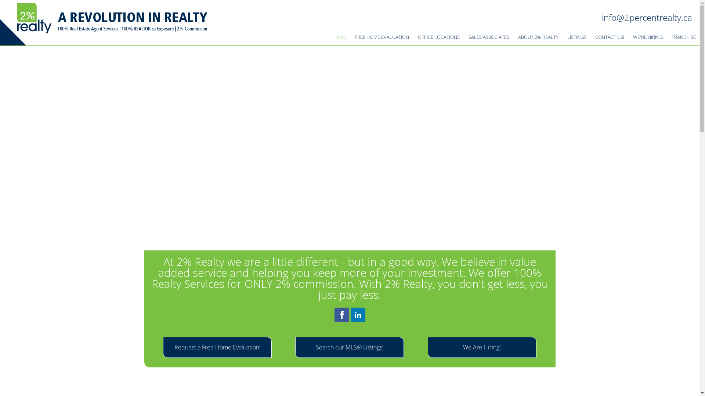  Describe the element at coordinates (217, 347) in the screenshot. I see `'Request a Free Home Evaluation!'` at that location.